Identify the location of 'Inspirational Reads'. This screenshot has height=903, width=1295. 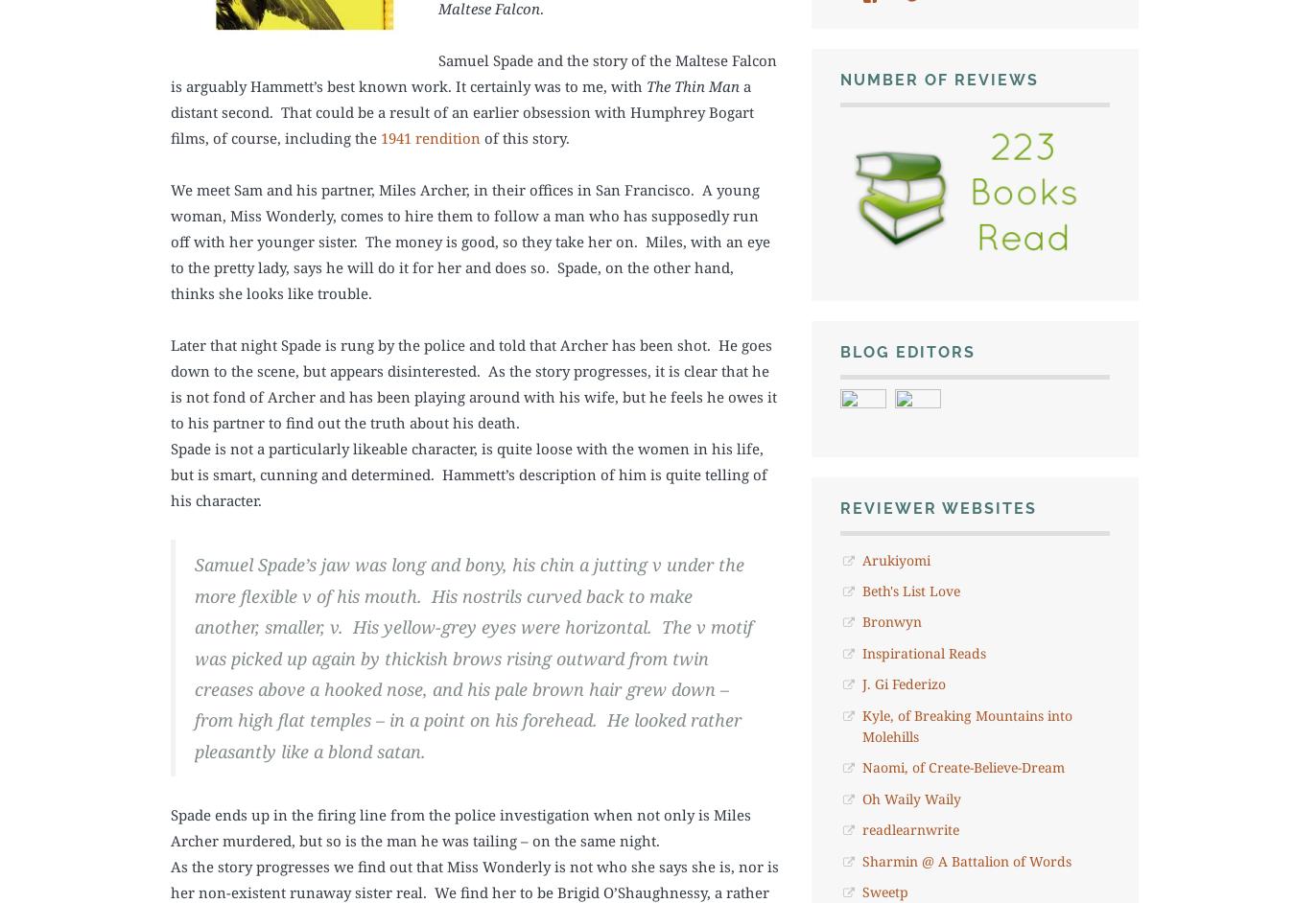
(922, 652).